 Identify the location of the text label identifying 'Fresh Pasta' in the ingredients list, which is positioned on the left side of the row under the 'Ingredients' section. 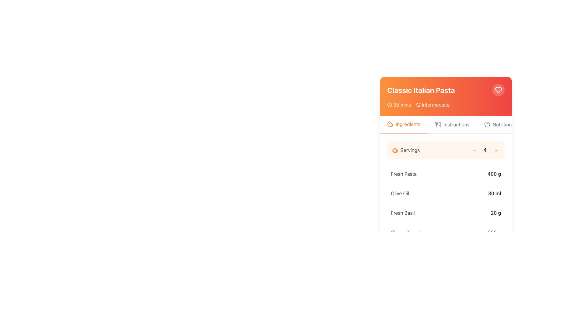
(404, 174).